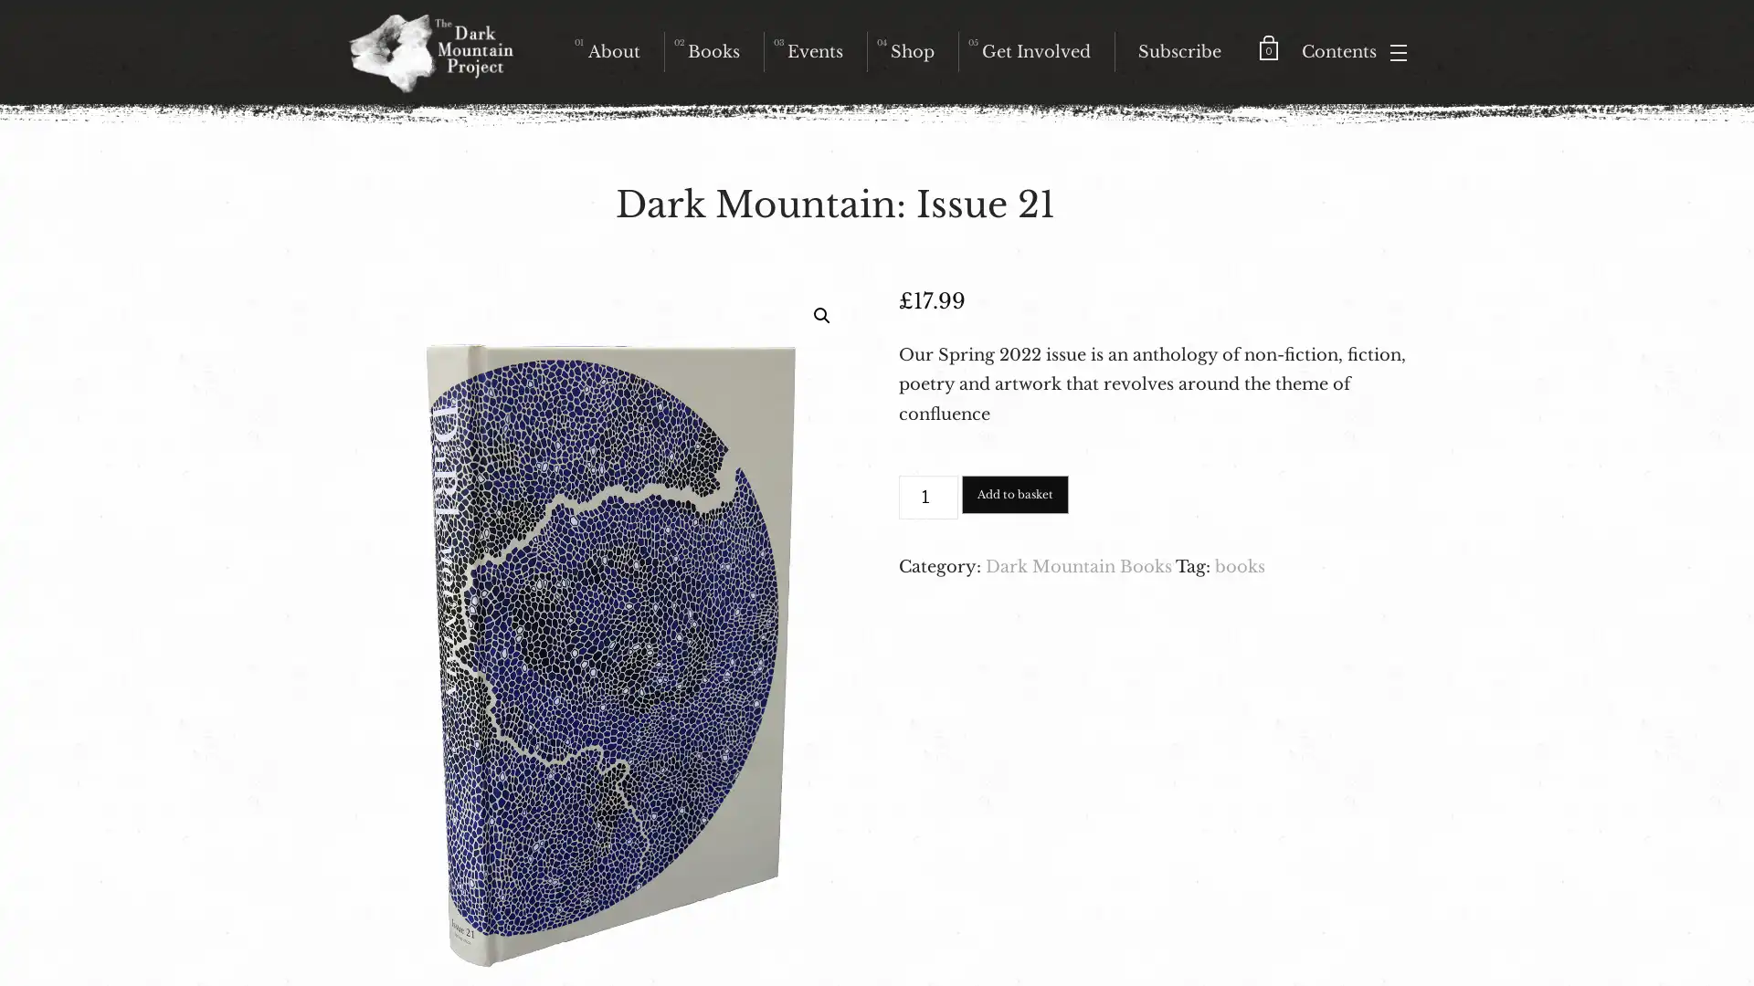 This screenshot has height=986, width=1754. What do you see at coordinates (1013, 494) in the screenshot?
I see `Add to basket` at bounding box center [1013, 494].